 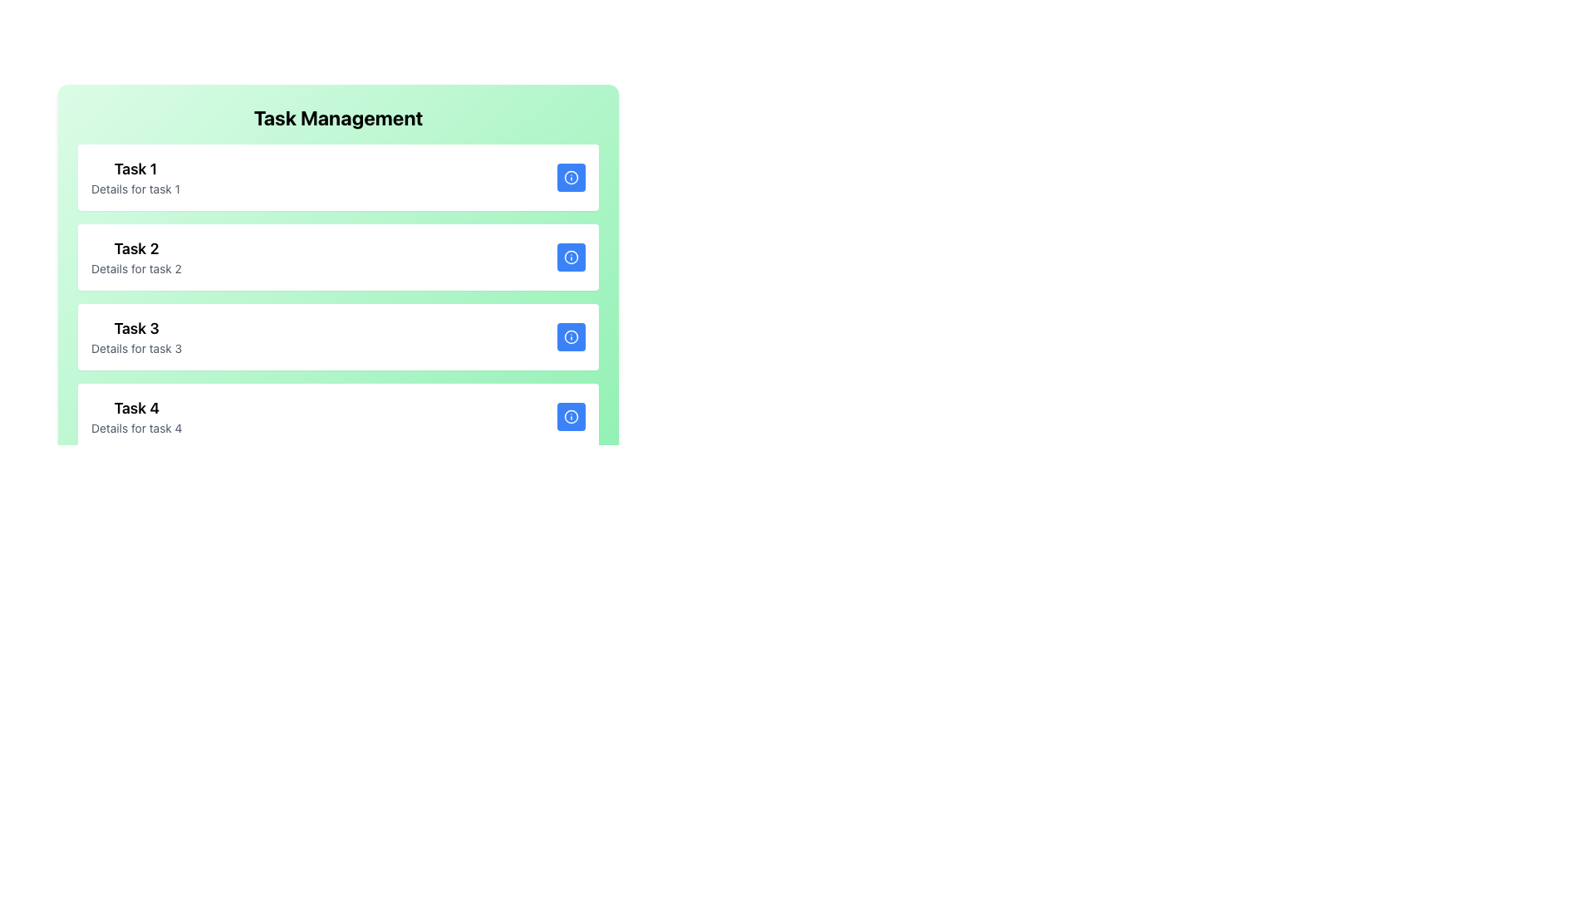 I want to click on the text label reading 'Details for task 2' which is styled in gray color and positioned under the title 'Task 2' in the second task card, so click(x=136, y=268).